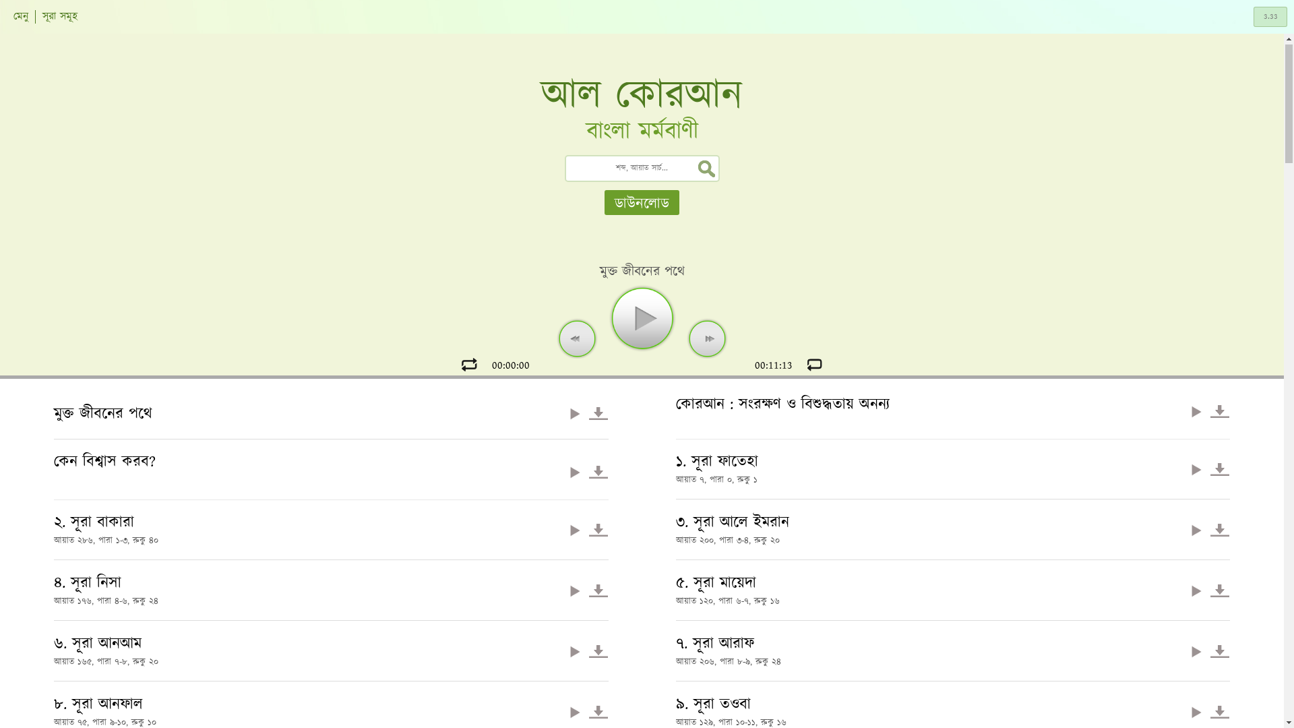 This screenshot has width=1294, height=728. Describe the element at coordinates (1196, 529) in the screenshot. I see `'Play'` at that location.